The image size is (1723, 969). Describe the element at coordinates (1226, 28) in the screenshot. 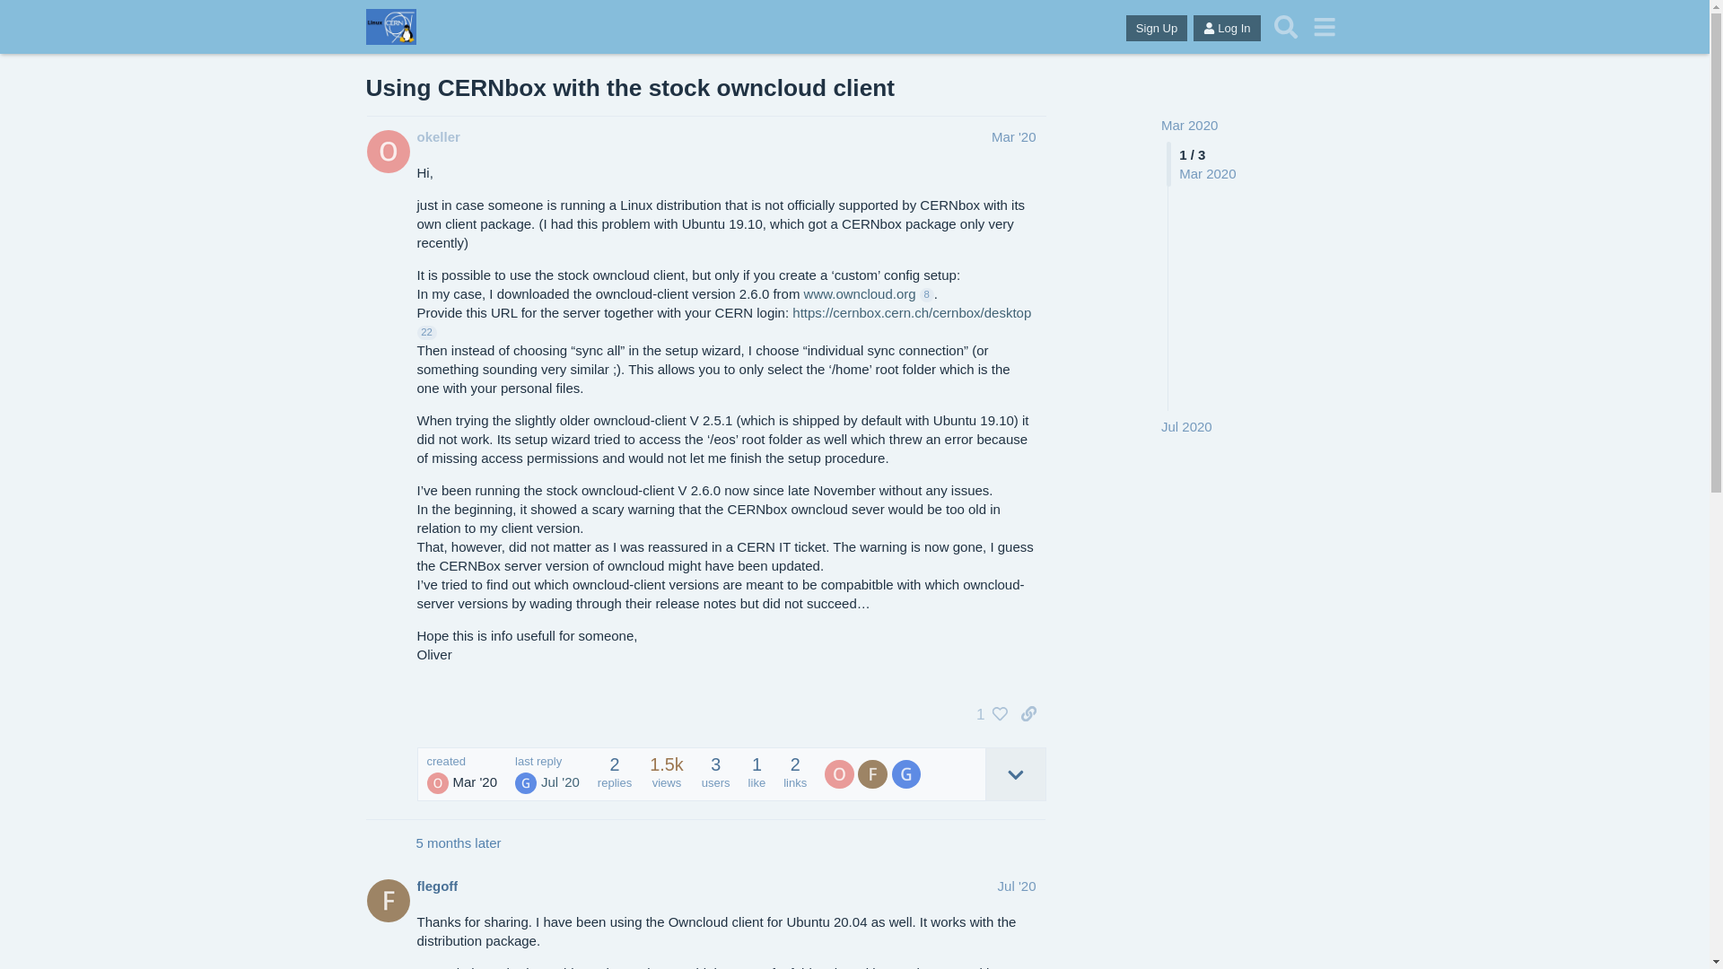

I see `'Log In'` at that location.